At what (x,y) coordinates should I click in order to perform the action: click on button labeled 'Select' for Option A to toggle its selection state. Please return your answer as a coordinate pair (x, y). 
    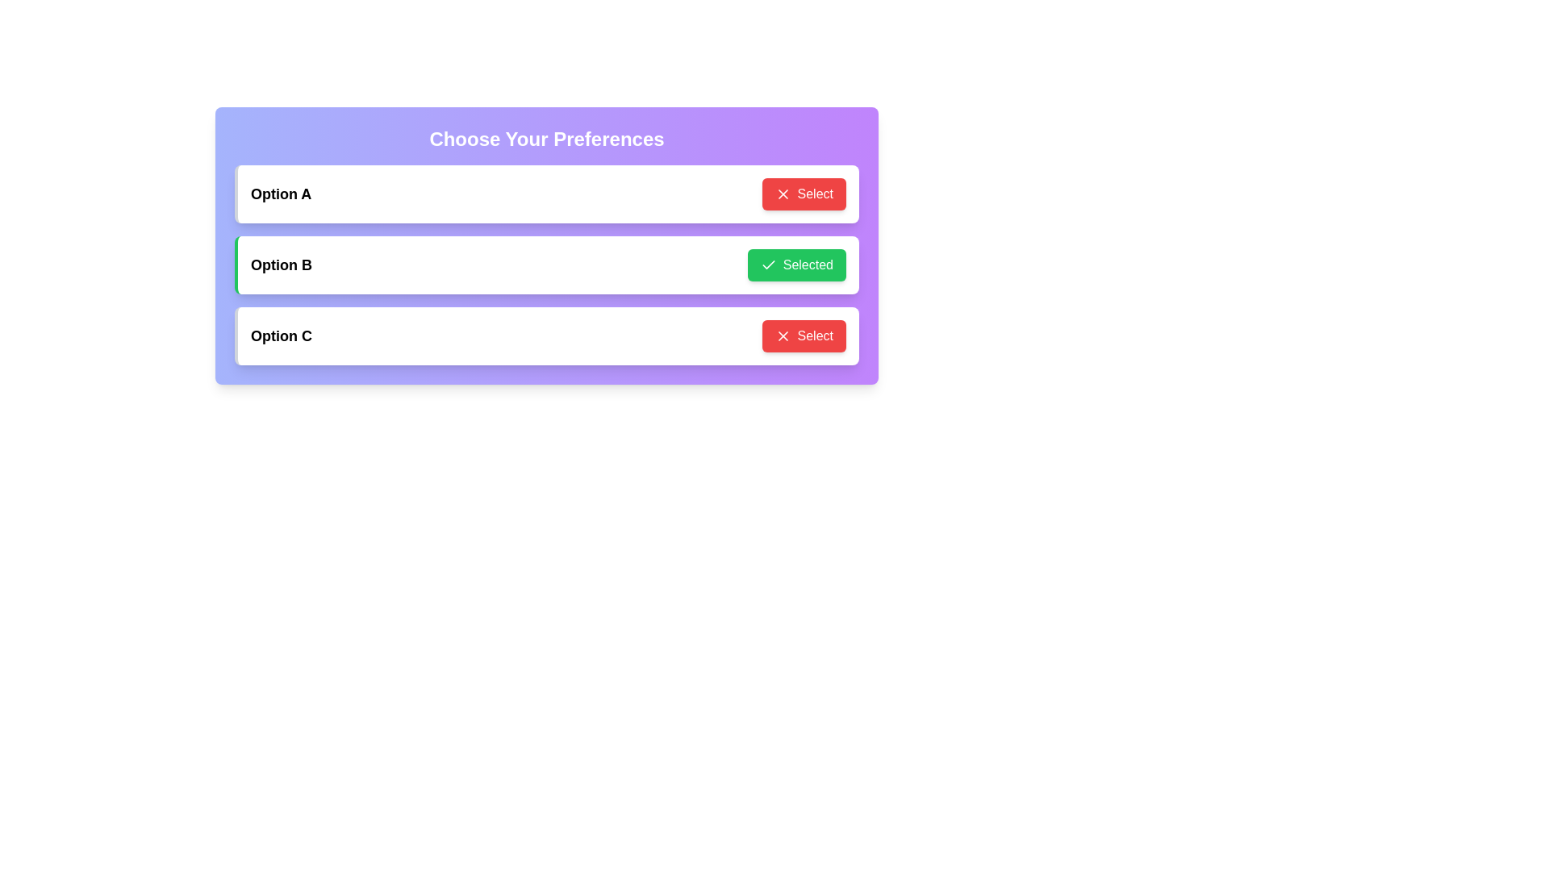
    Looking at the image, I should click on (804, 193).